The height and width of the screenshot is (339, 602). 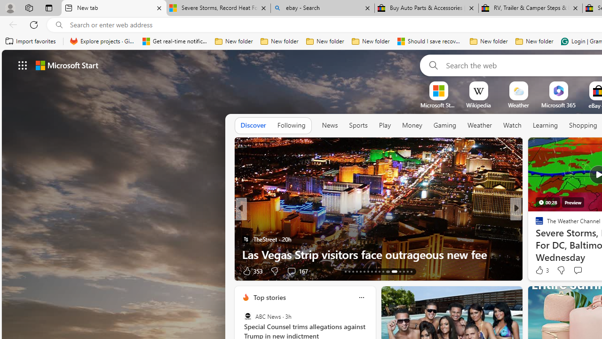 What do you see at coordinates (535, 238) in the screenshot?
I see `'Dailymotion'` at bounding box center [535, 238].